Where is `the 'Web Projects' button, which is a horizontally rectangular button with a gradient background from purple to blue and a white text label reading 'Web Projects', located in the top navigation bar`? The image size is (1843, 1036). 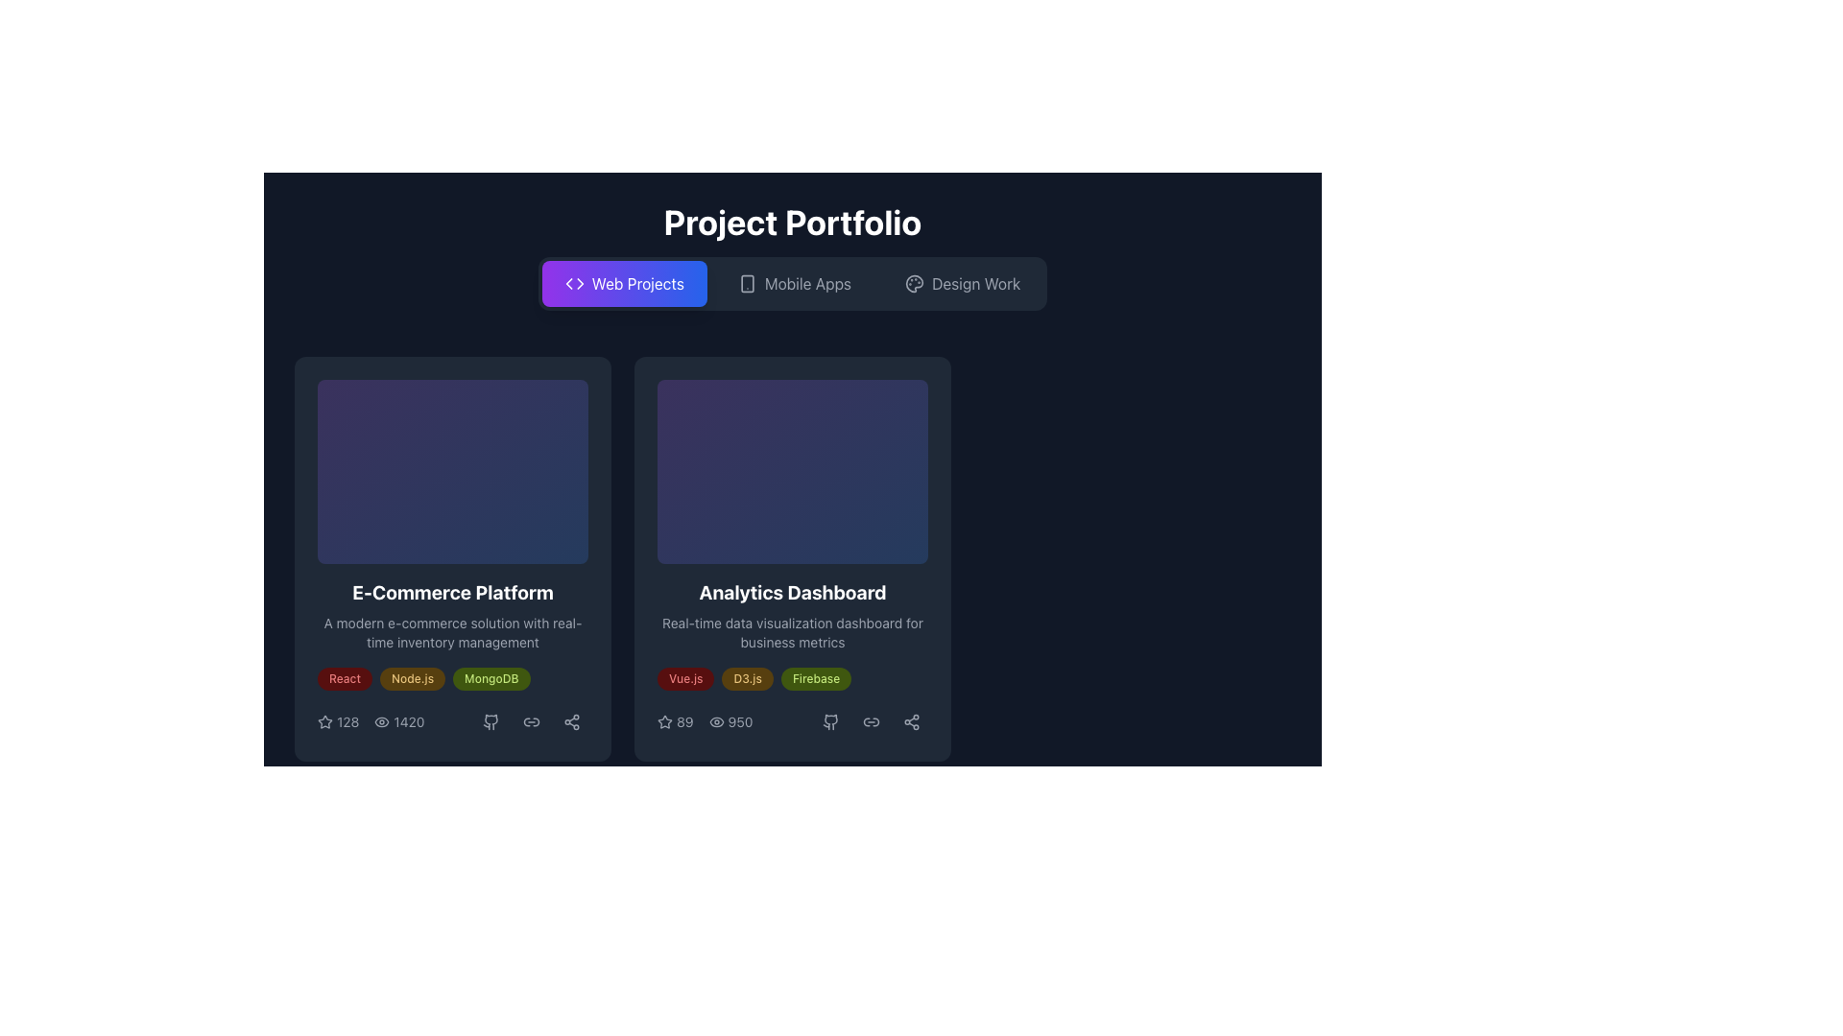
the 'Web Projects' button, which is a horizontally rectangular button with a gradient background from purple to blue and a white text label reading 'Web Projects', located in the top navigation bar is located at coordinates (624, 284).